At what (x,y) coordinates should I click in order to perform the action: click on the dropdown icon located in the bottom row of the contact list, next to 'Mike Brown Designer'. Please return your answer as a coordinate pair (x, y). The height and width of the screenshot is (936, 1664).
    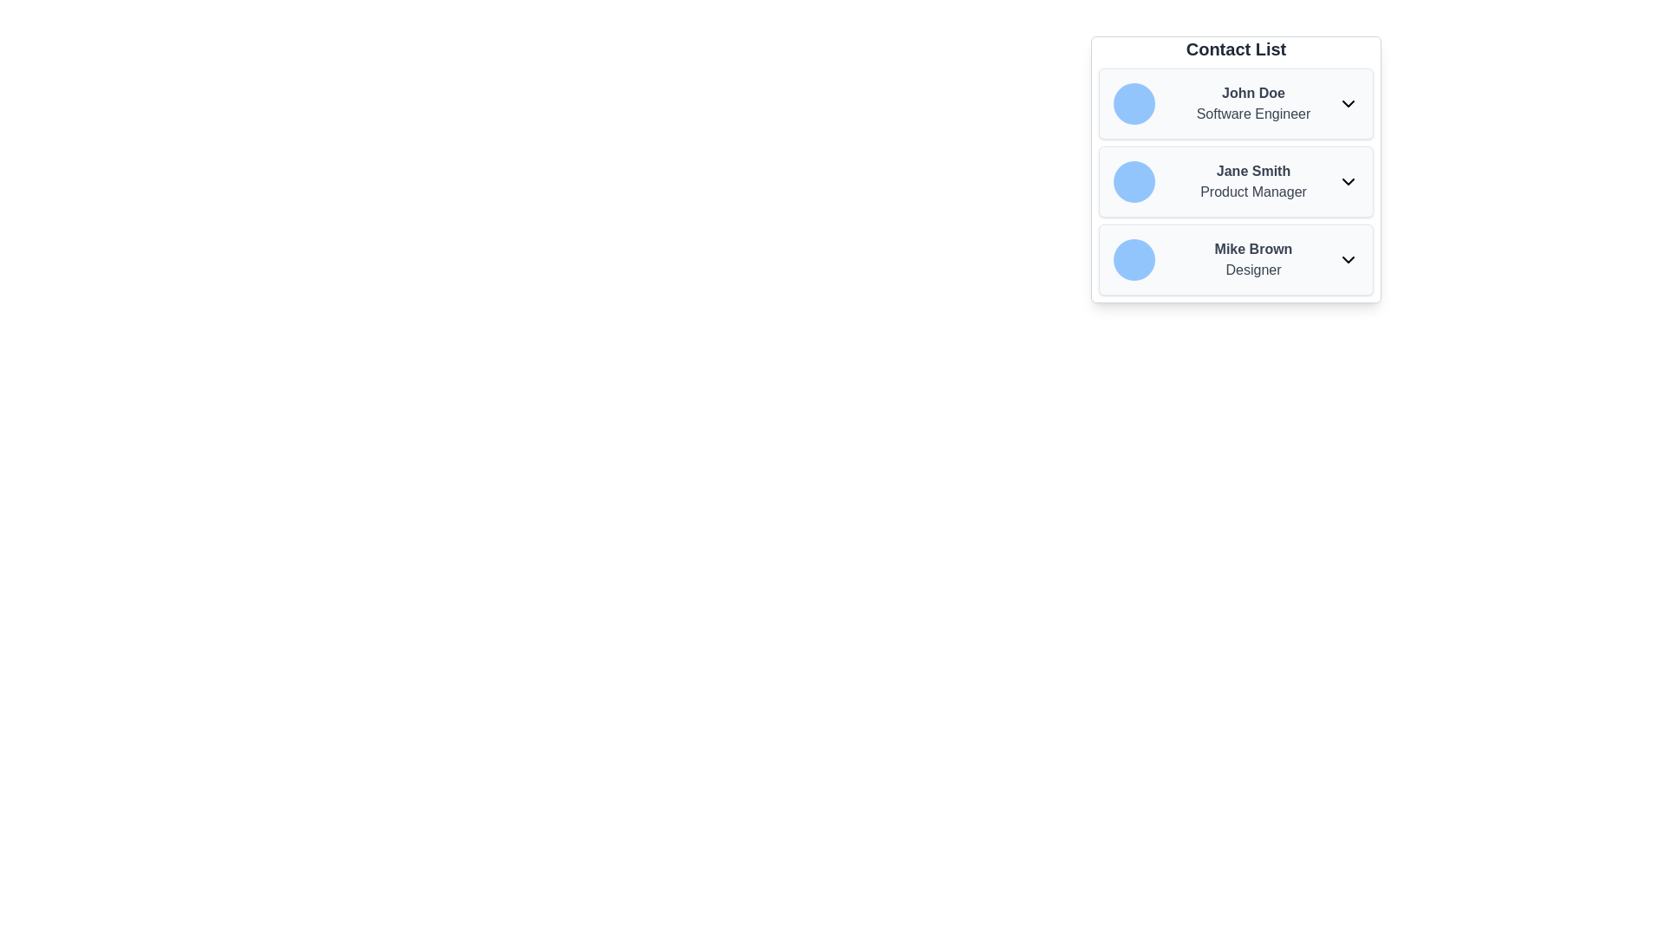
    Looking at the image, I should click on (1347, 260).